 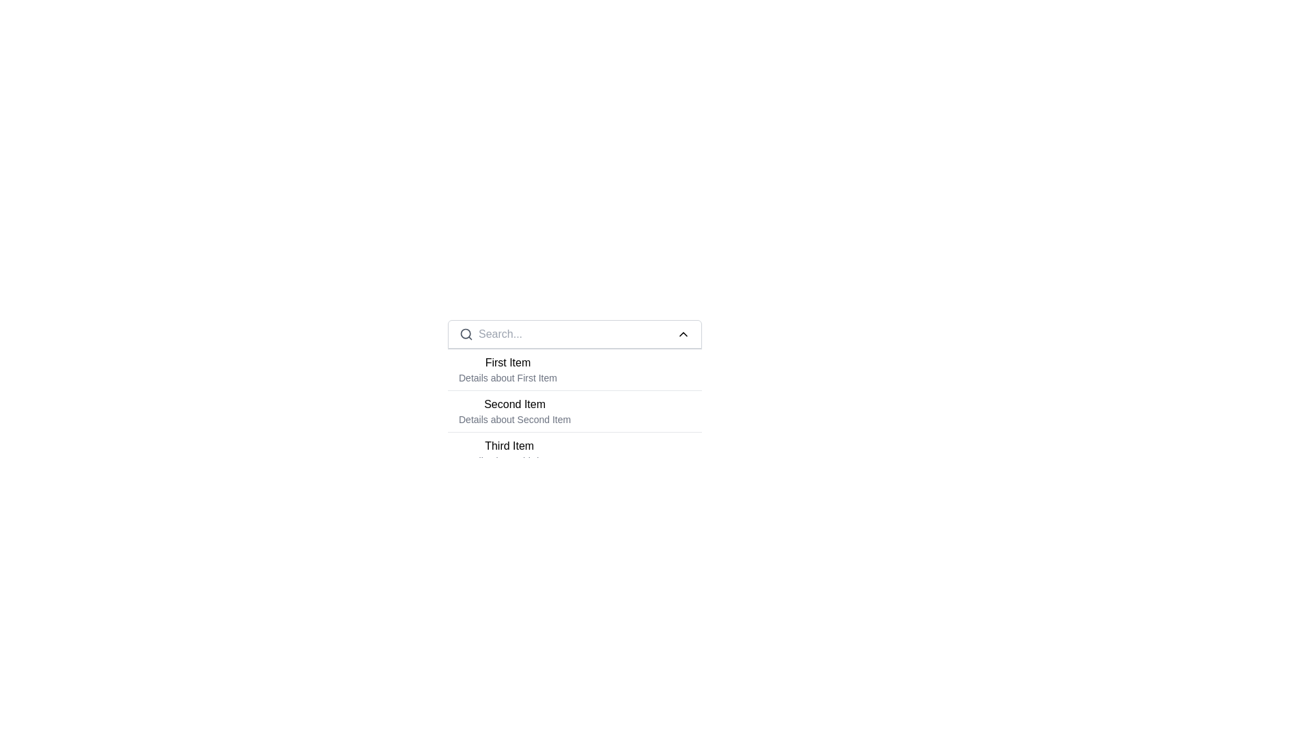 I want to click on the List item displaying 'Second Item' and 'Details about Second Item', which is the second item in a vertically arranged list, so click(x=574, y=410).